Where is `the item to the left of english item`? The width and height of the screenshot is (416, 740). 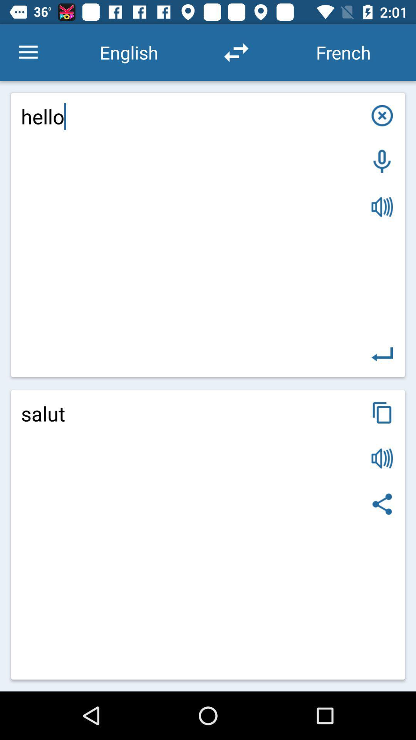 the item to the left of english item is located at coordinates (28, 52).